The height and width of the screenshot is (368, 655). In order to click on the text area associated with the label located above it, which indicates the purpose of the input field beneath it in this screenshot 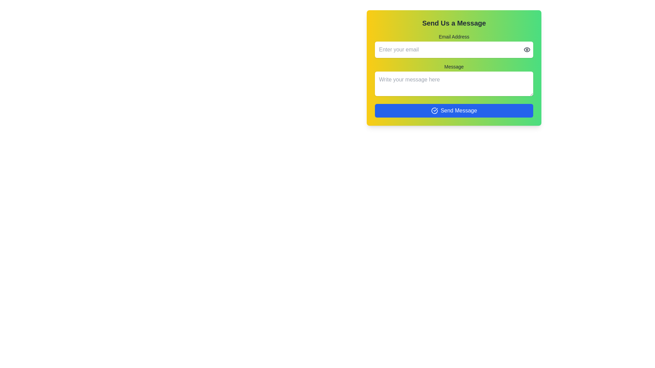, I will do `click(454, 67)`.